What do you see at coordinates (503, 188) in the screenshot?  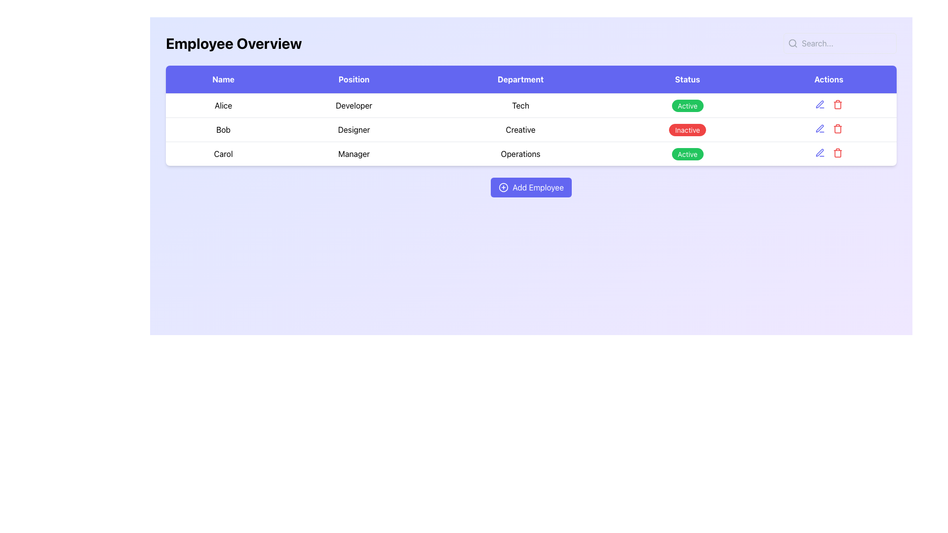 I see `the circular outline element of the 'Add Employee' button located at the bottom section of the interface` at bounding box center [503, 188].